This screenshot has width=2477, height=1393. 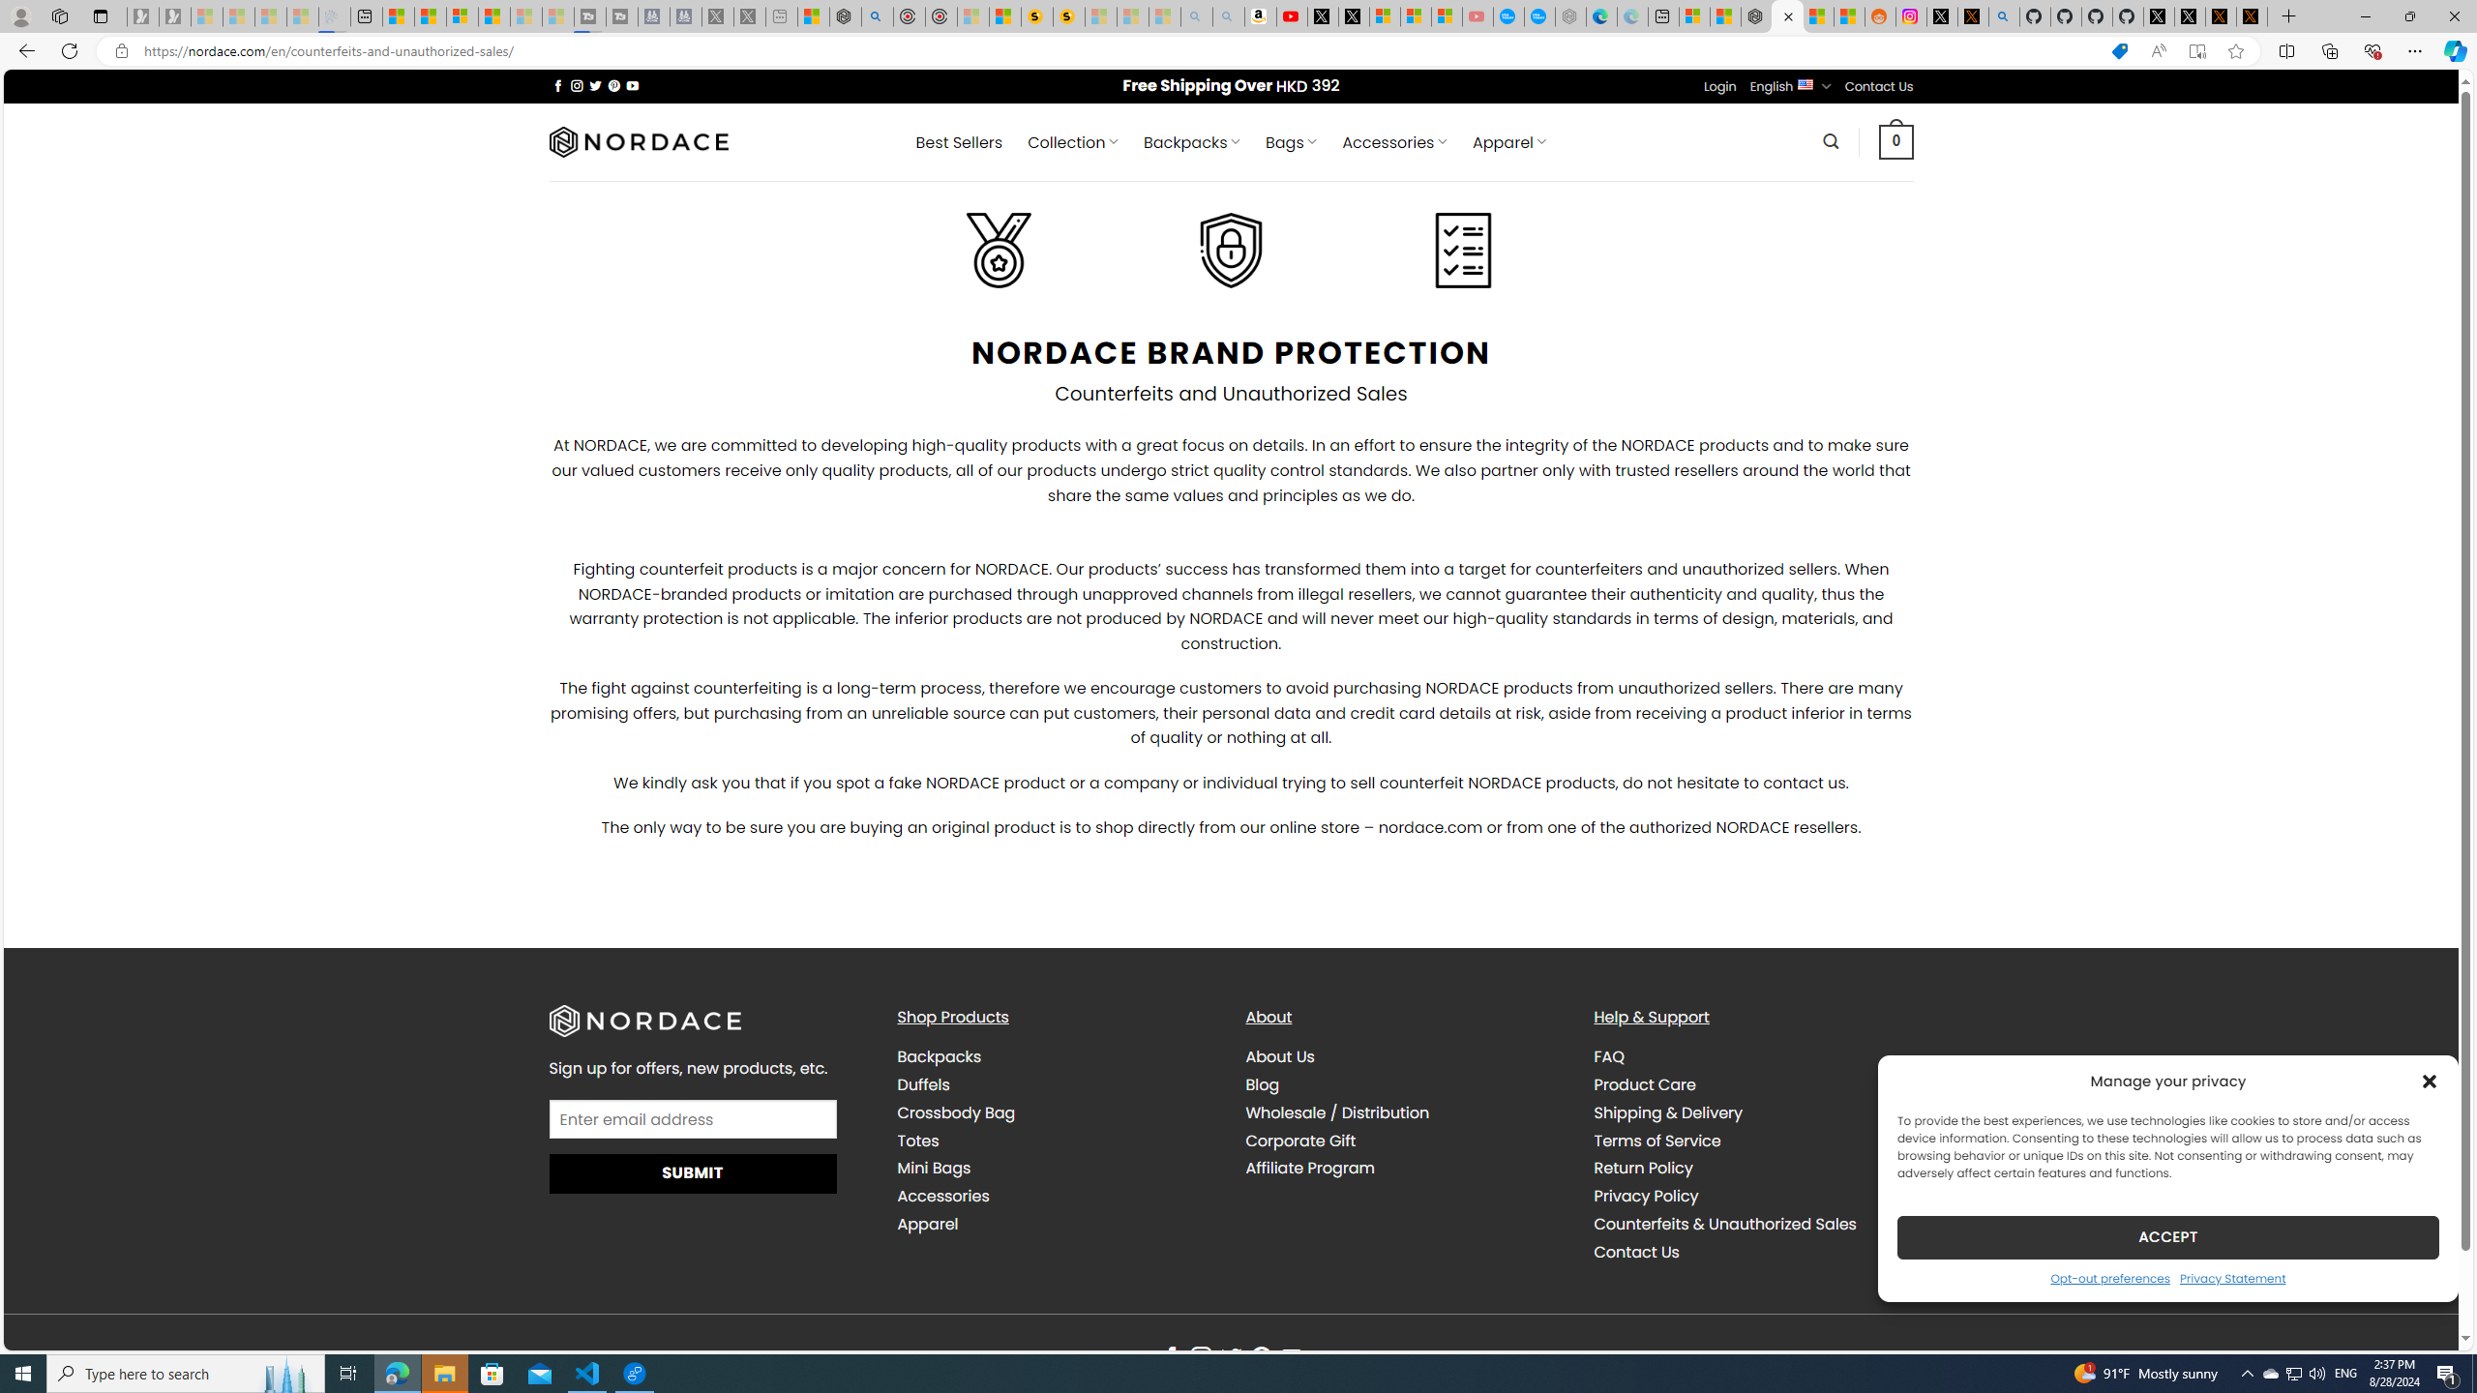 I want to click on 'Shipping & Delivery', so click(x=1752, y=1111).